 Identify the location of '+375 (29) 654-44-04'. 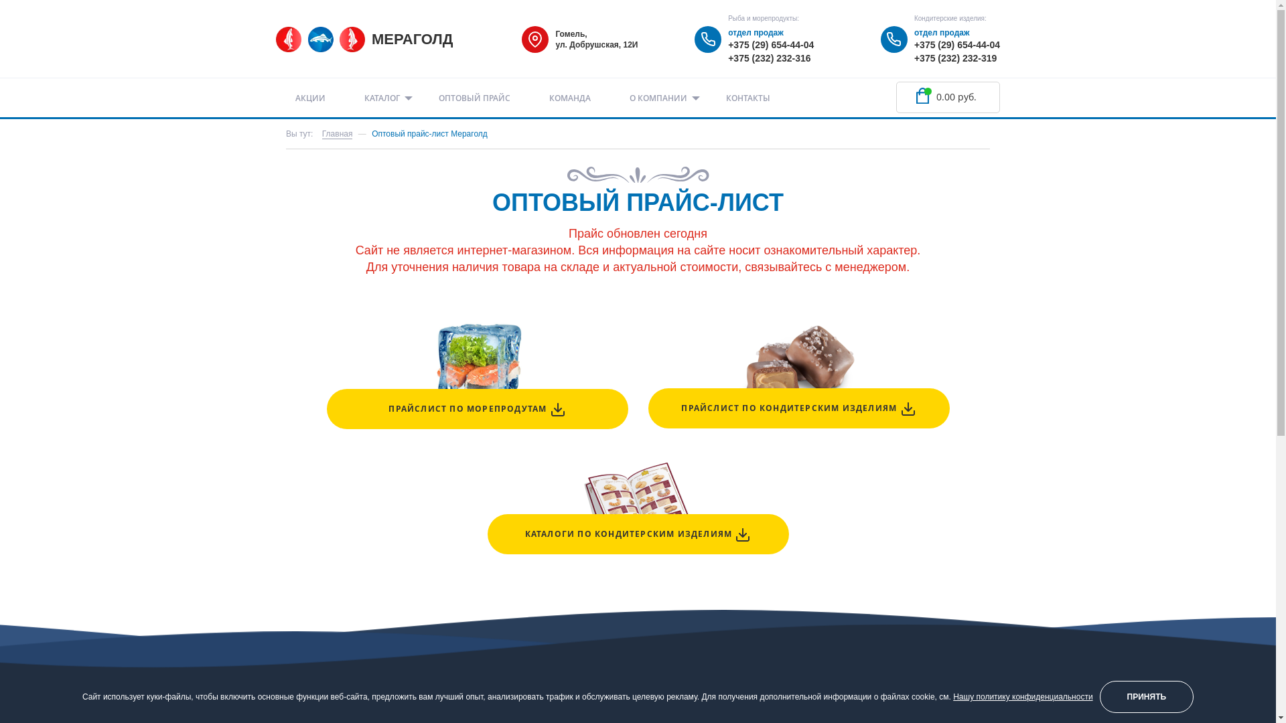
(956, 44).